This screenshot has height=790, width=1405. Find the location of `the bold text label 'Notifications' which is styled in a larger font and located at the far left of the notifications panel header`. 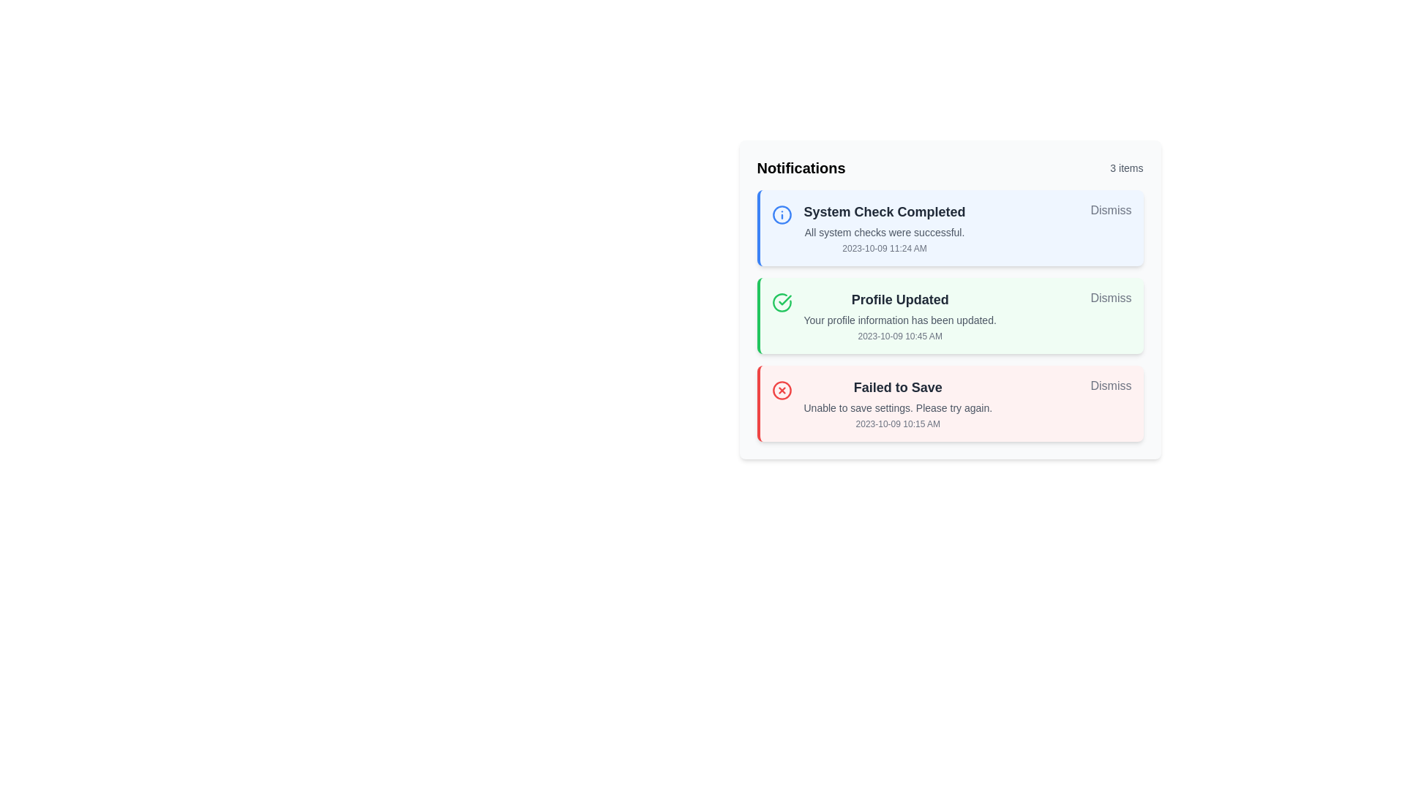

the bold text label 'Notifications' which is styled in a larger font and located at the far left of the notifications panel header is located at coordinates (800, 168).